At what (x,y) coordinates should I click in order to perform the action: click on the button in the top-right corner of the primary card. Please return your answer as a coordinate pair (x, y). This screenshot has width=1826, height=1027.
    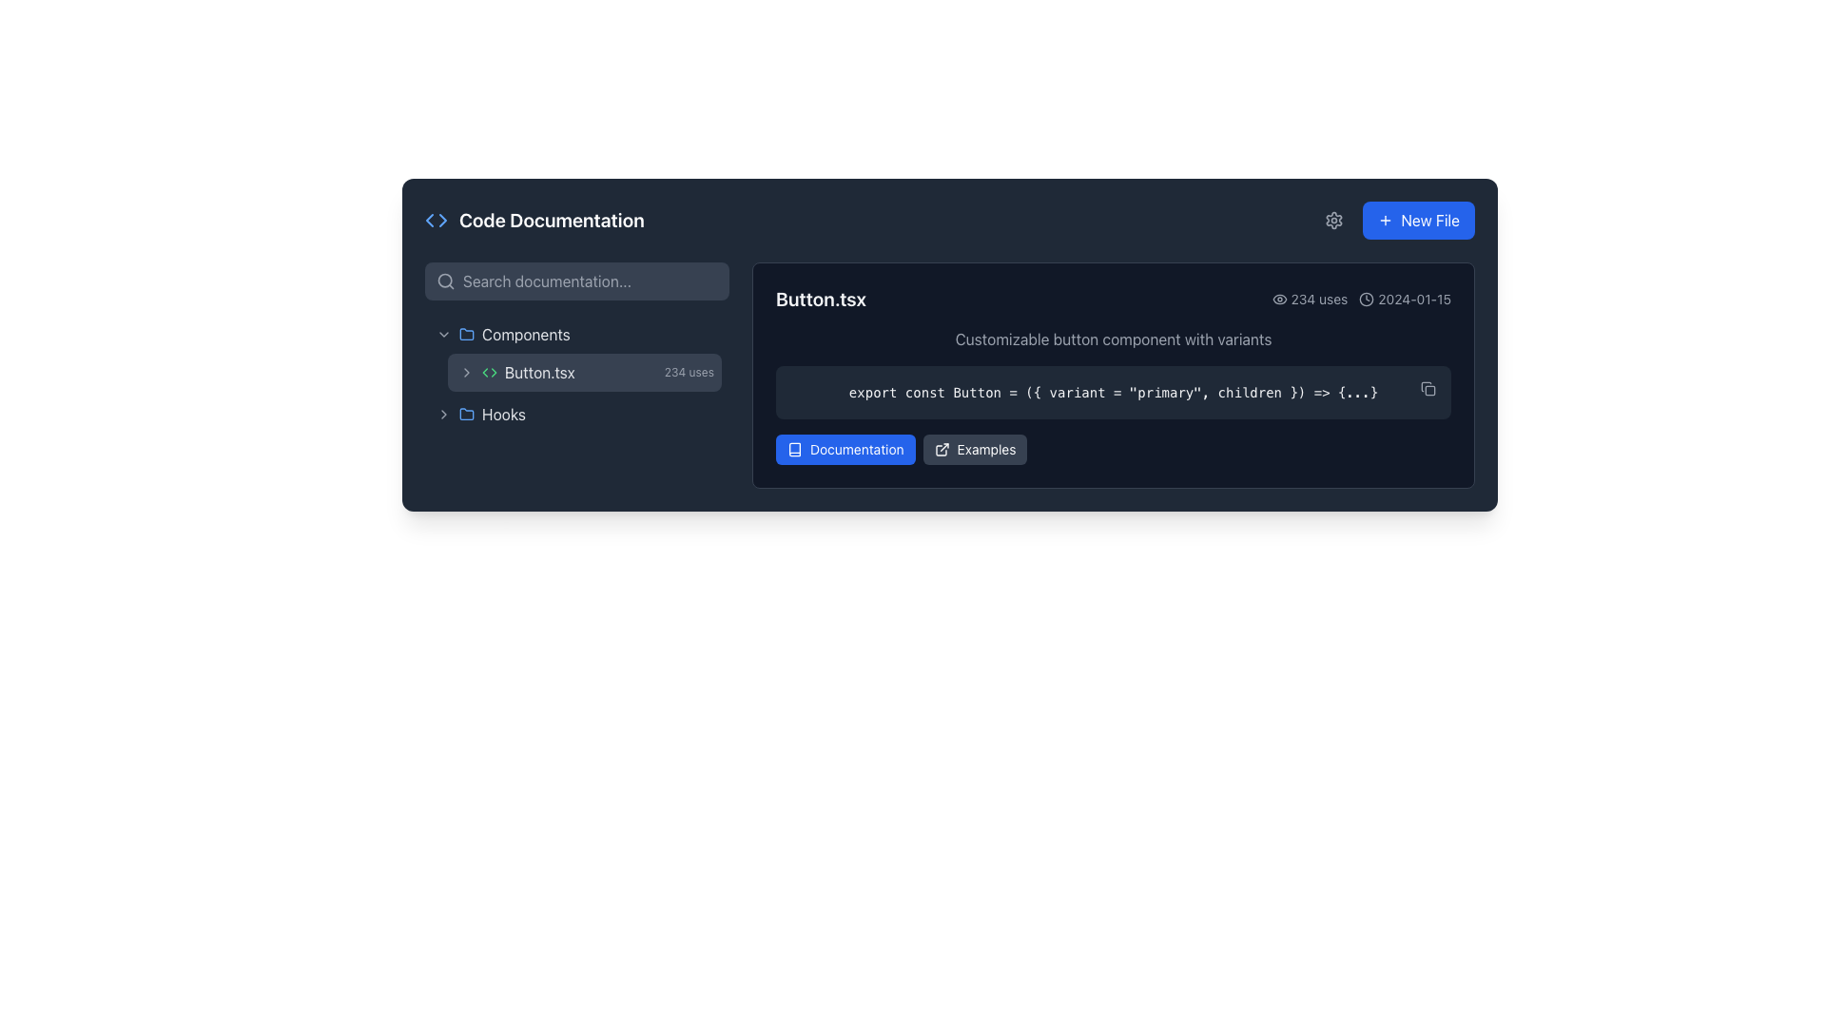
    Looking at the image, I should click on (1419, 219).